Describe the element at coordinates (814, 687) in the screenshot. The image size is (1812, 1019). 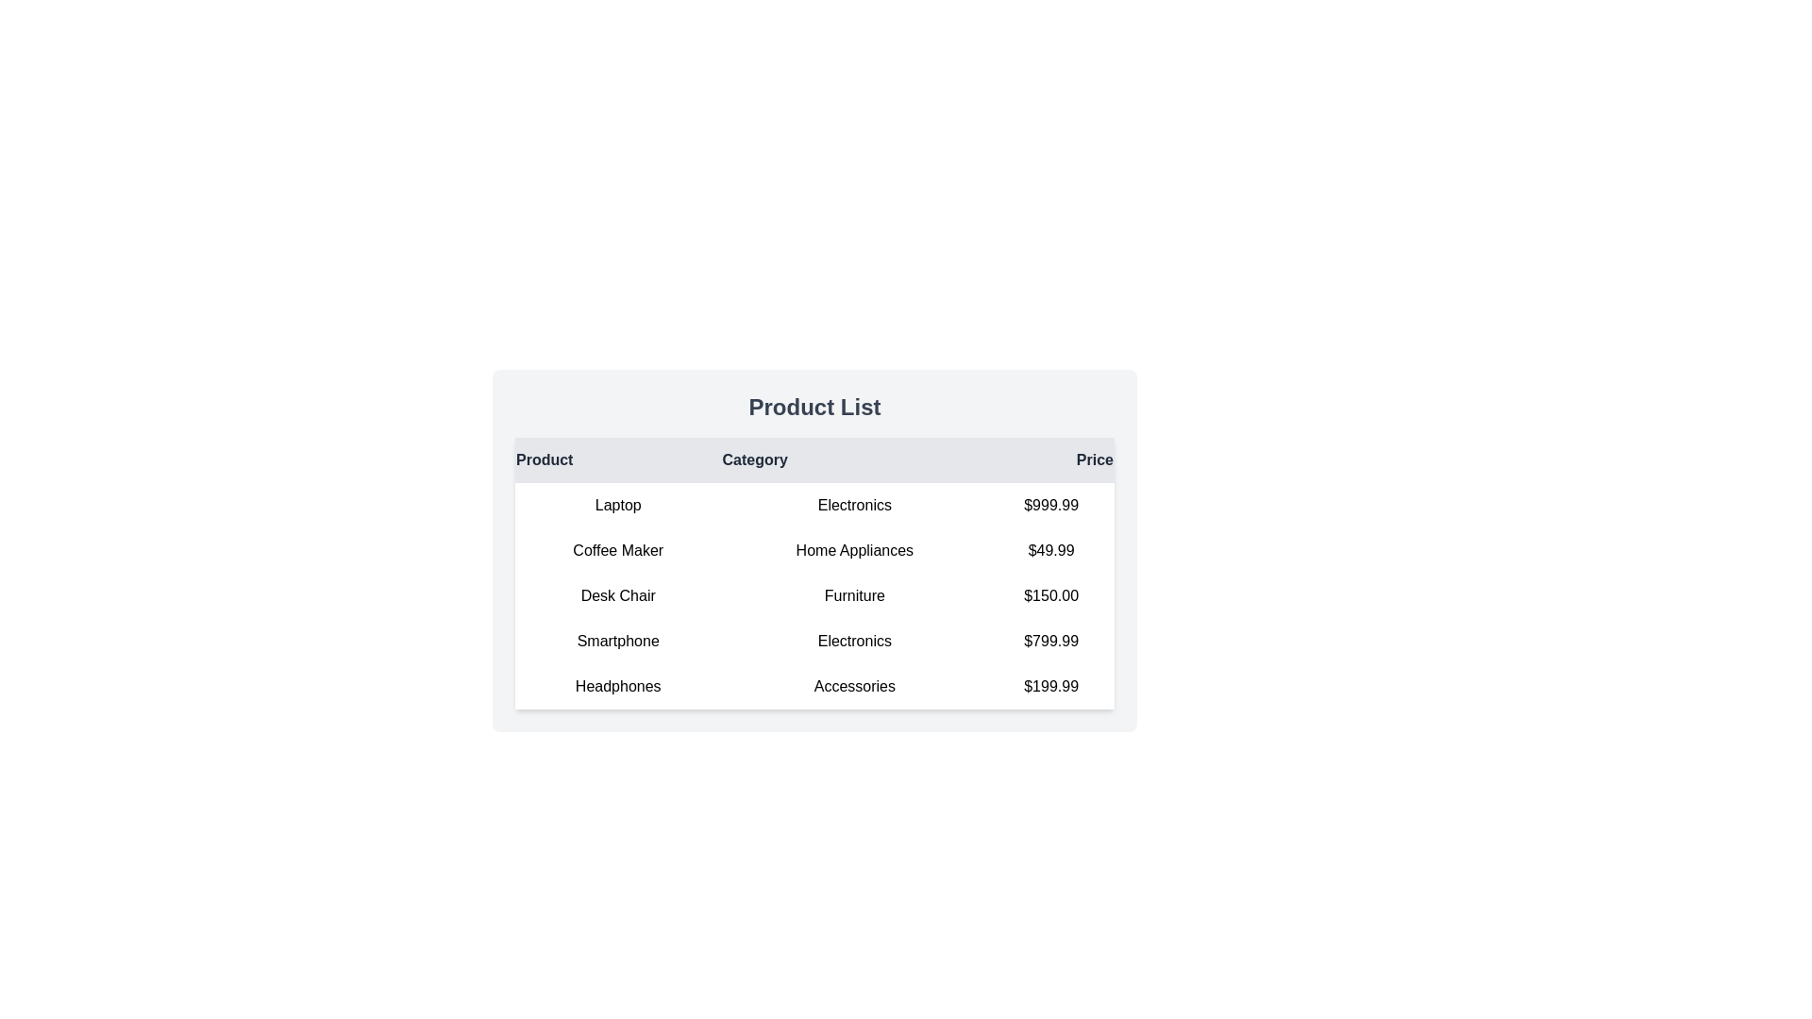
I see `text content of the last row in the product list table, which contains 'Headphones', 'Accessories', and '$199.99'` at that location.